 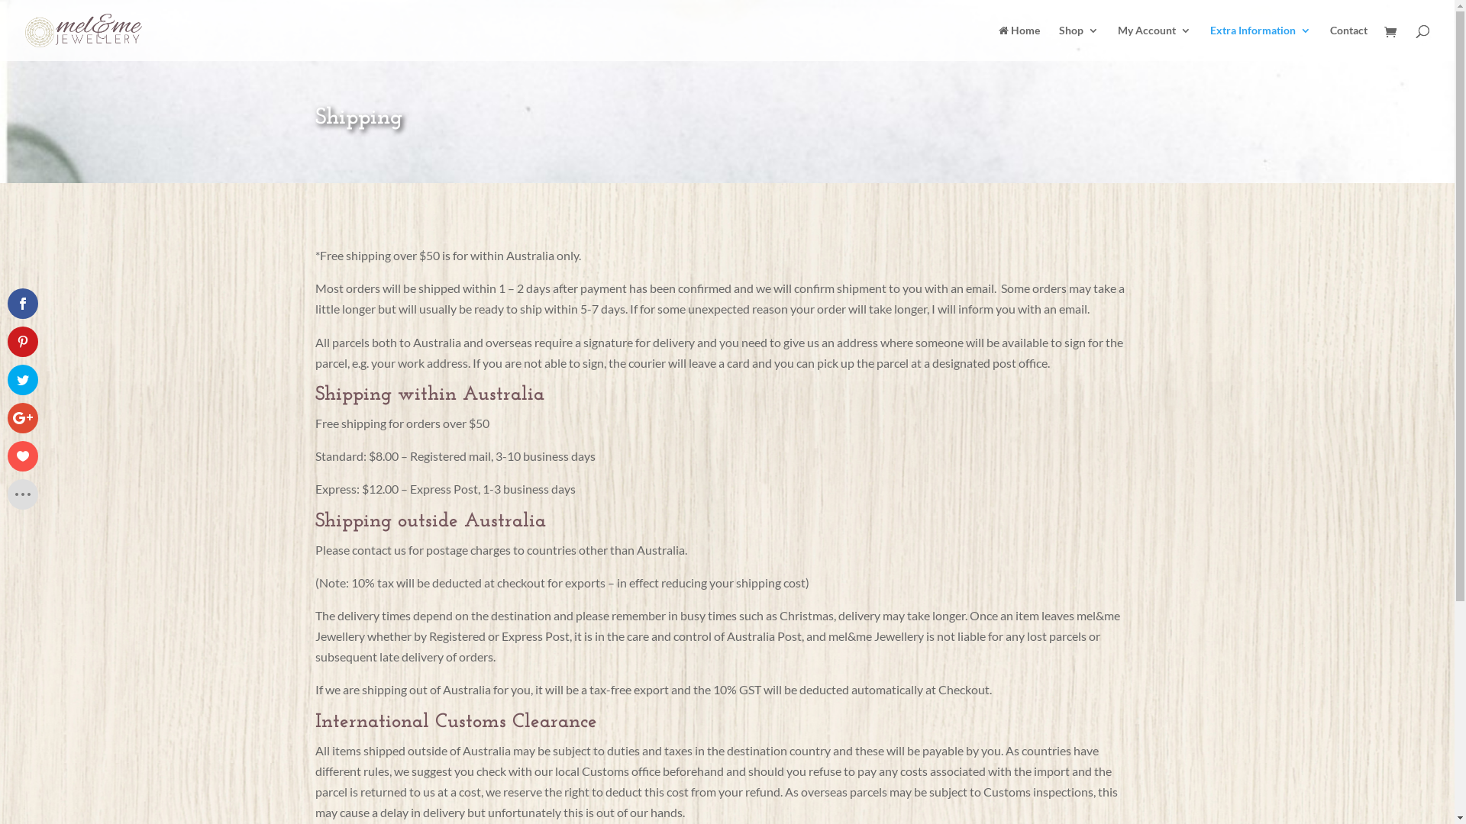 I want to click on 'Contact', so click(x=1329, y=42).